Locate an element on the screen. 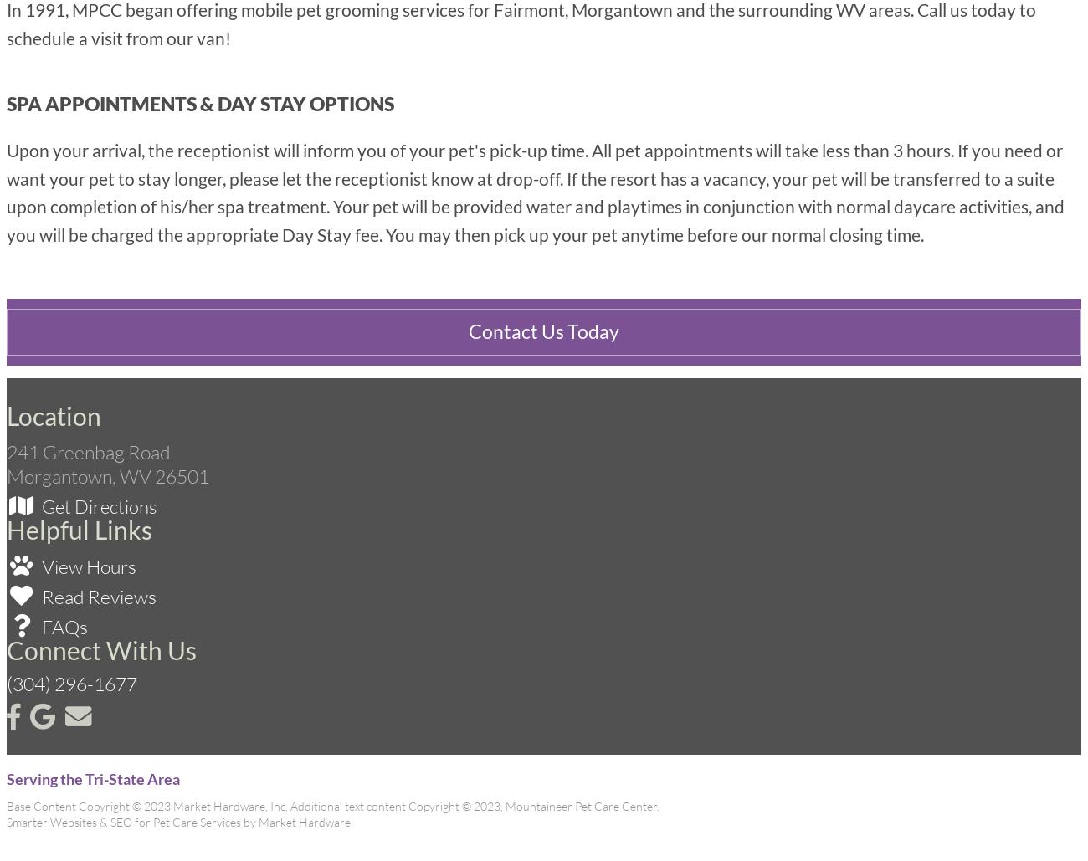  '(304) 296-1677' is located at coordinates (72, 681).